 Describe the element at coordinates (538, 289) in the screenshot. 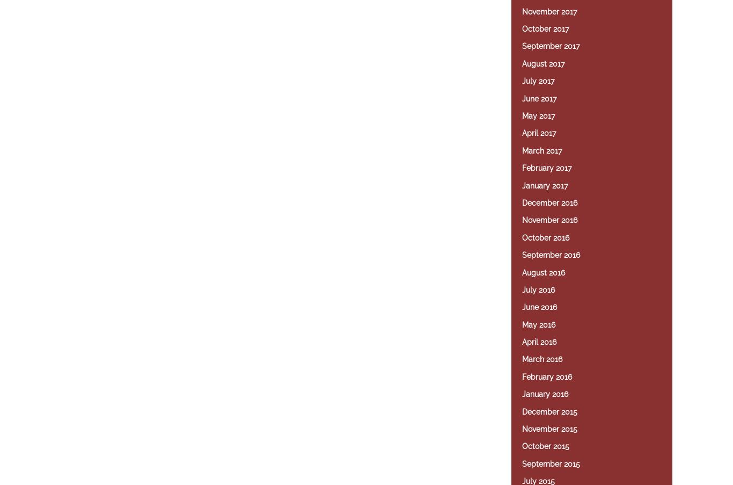

I see `'July 2016'` at that location.